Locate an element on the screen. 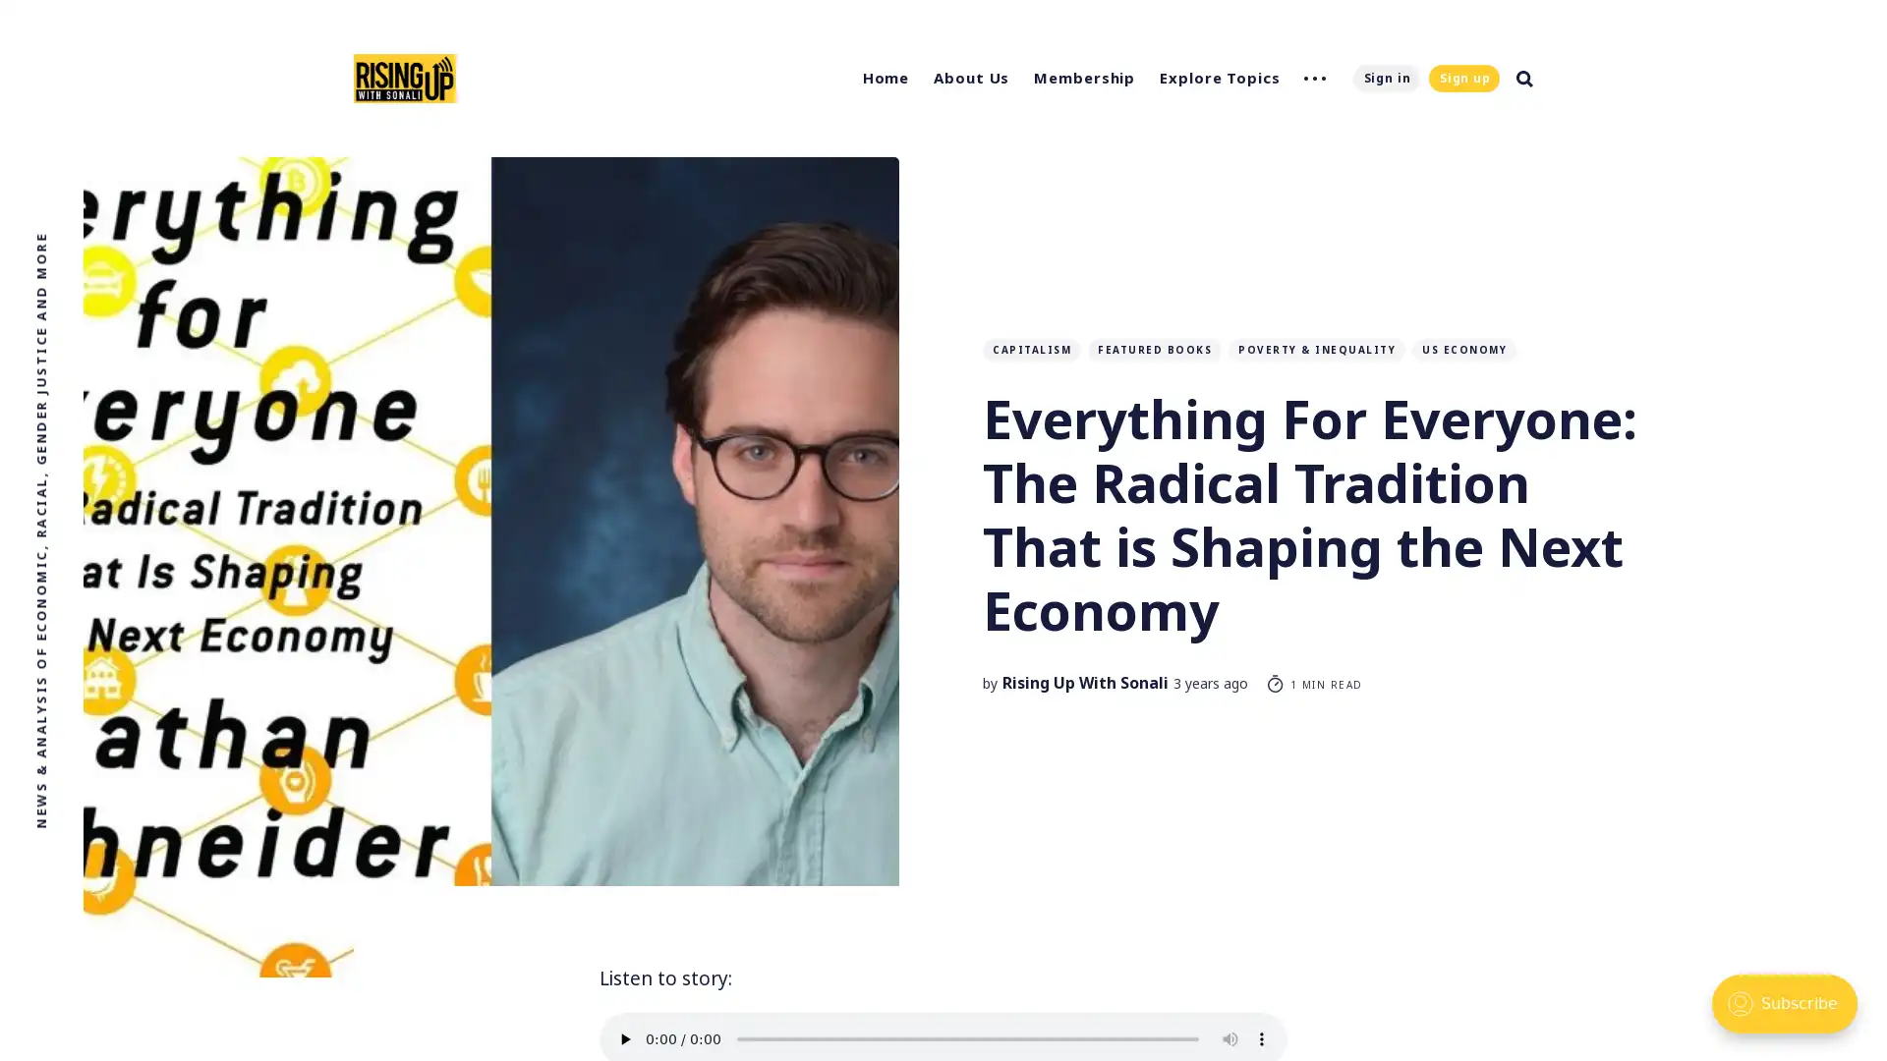  mute is located at coordinates (1229, 1037).